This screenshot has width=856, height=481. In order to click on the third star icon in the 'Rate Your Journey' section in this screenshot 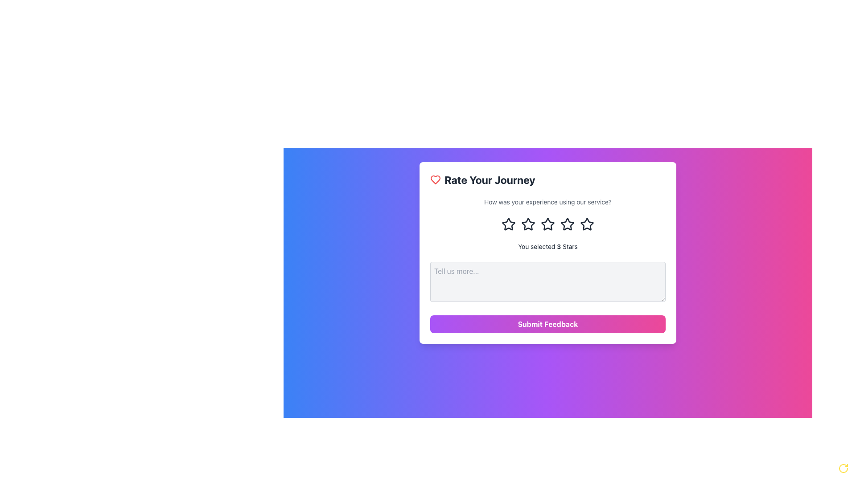, I will do `click(528, 224)`.